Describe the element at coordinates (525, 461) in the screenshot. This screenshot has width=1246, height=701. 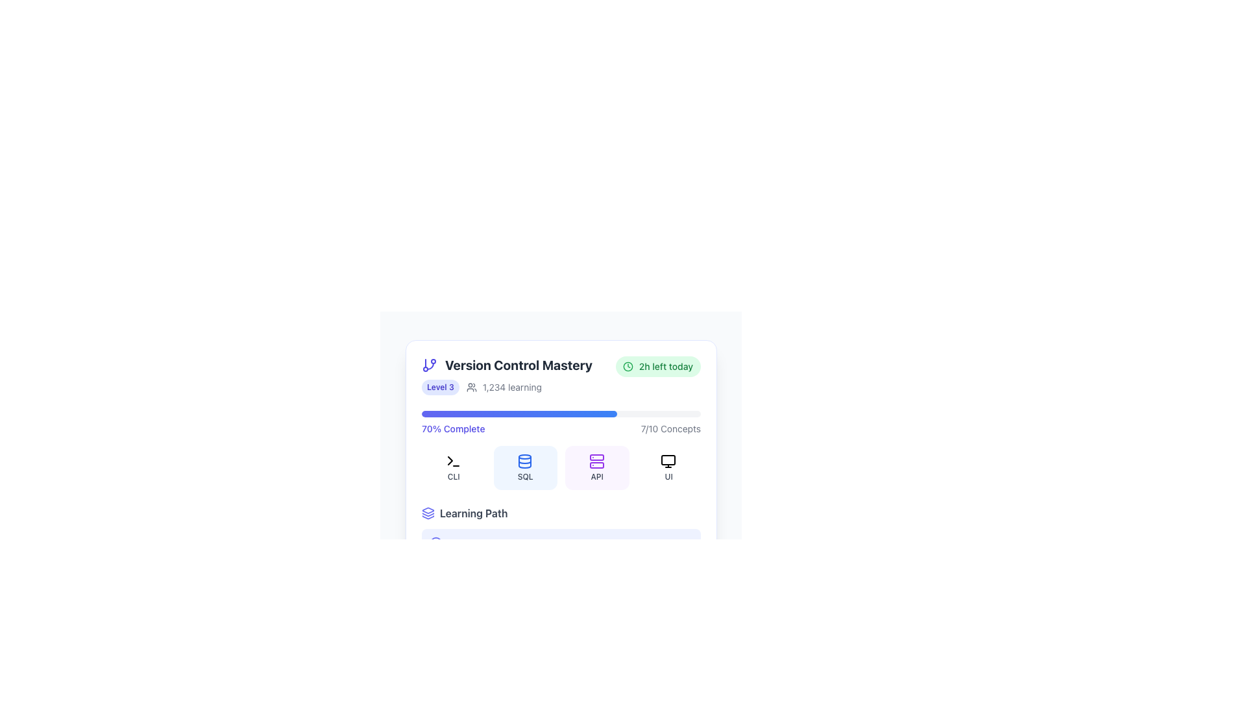
I see `the decorative SQL icon located beneath the progress indicator in the Version Control Mastery card, which is the second icon from the left in a group of technical concept icons` at that location.